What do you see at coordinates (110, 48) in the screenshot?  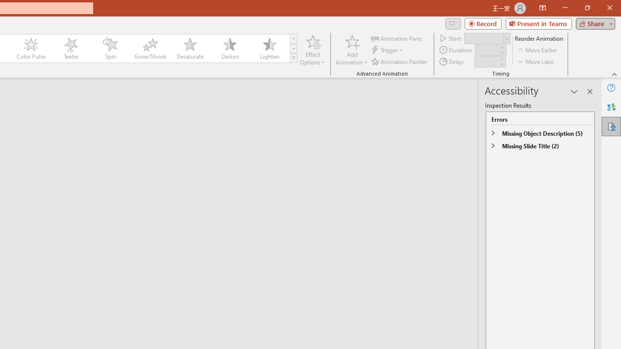 I see `'Spin'` at bounding box center [110, 48].